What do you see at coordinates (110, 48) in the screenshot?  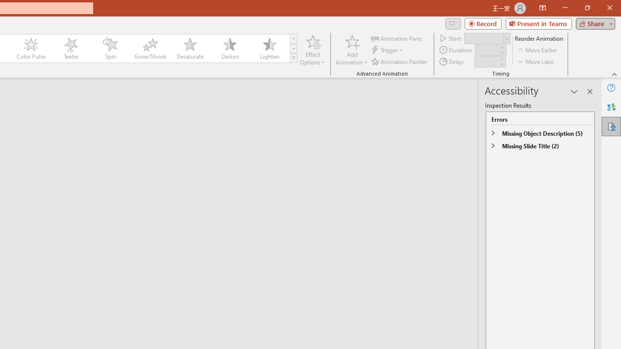 I see `'Spin'` at bounding box center [110, 48].